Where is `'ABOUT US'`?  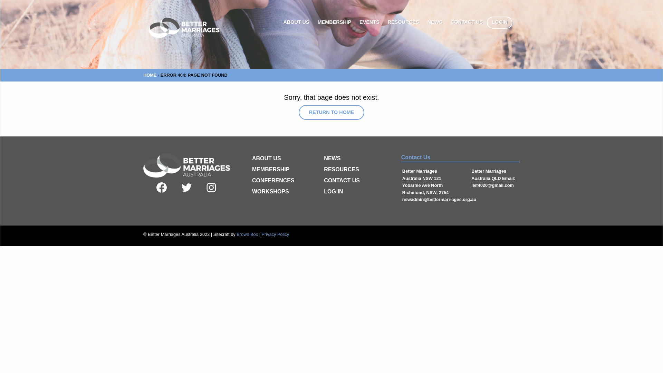 'ABOUT US' is located at coordinates (296, 22).